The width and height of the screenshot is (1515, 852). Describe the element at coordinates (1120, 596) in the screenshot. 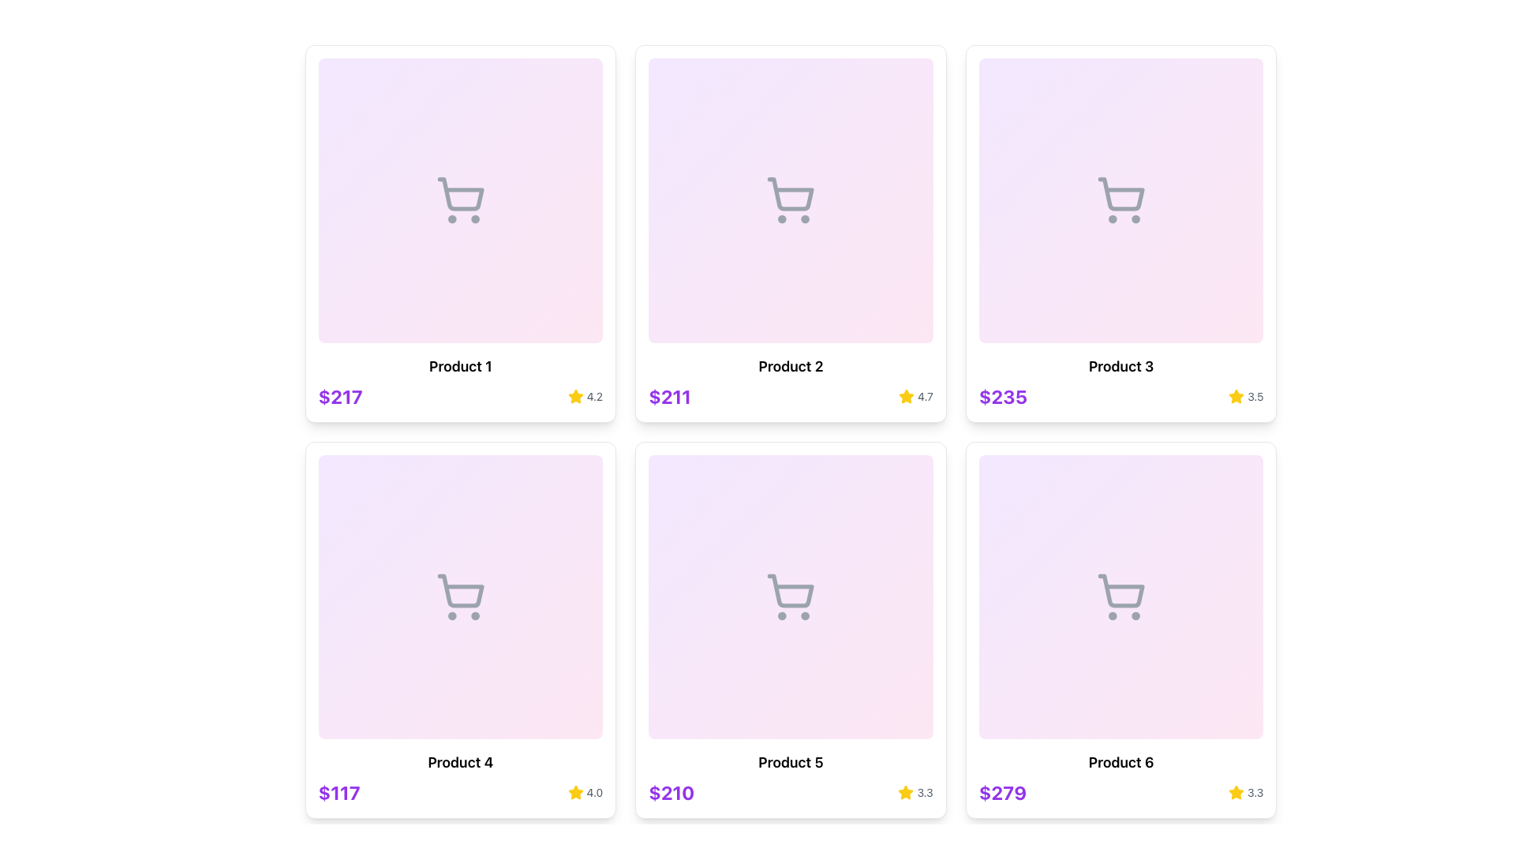

I see `the decorative shopping cart icon located within the 'Product 6' card priced at '$279'` at that location.